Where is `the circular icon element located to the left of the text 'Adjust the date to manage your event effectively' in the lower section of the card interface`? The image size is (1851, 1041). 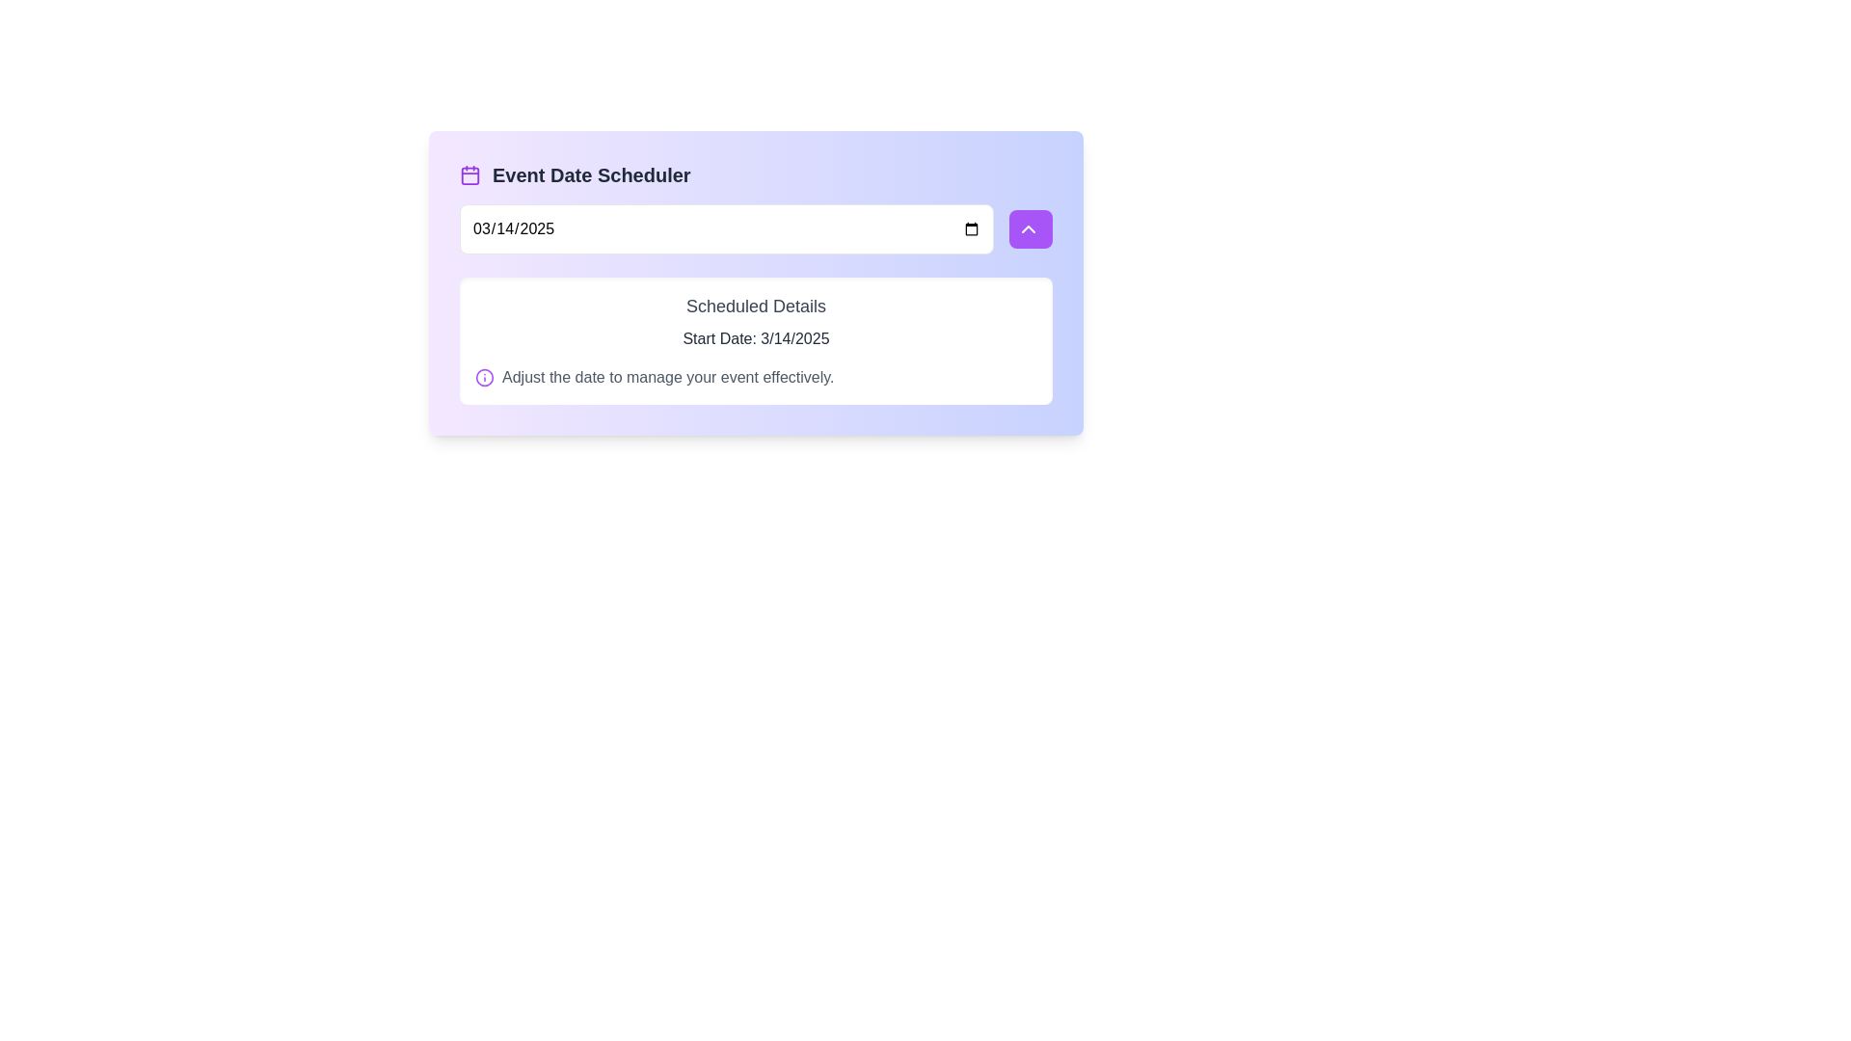 the circular icon element located to the left of the text 'Adjust the date to manage your event effectively' in the lower section of the card interface is located at coordinates (485, 378).